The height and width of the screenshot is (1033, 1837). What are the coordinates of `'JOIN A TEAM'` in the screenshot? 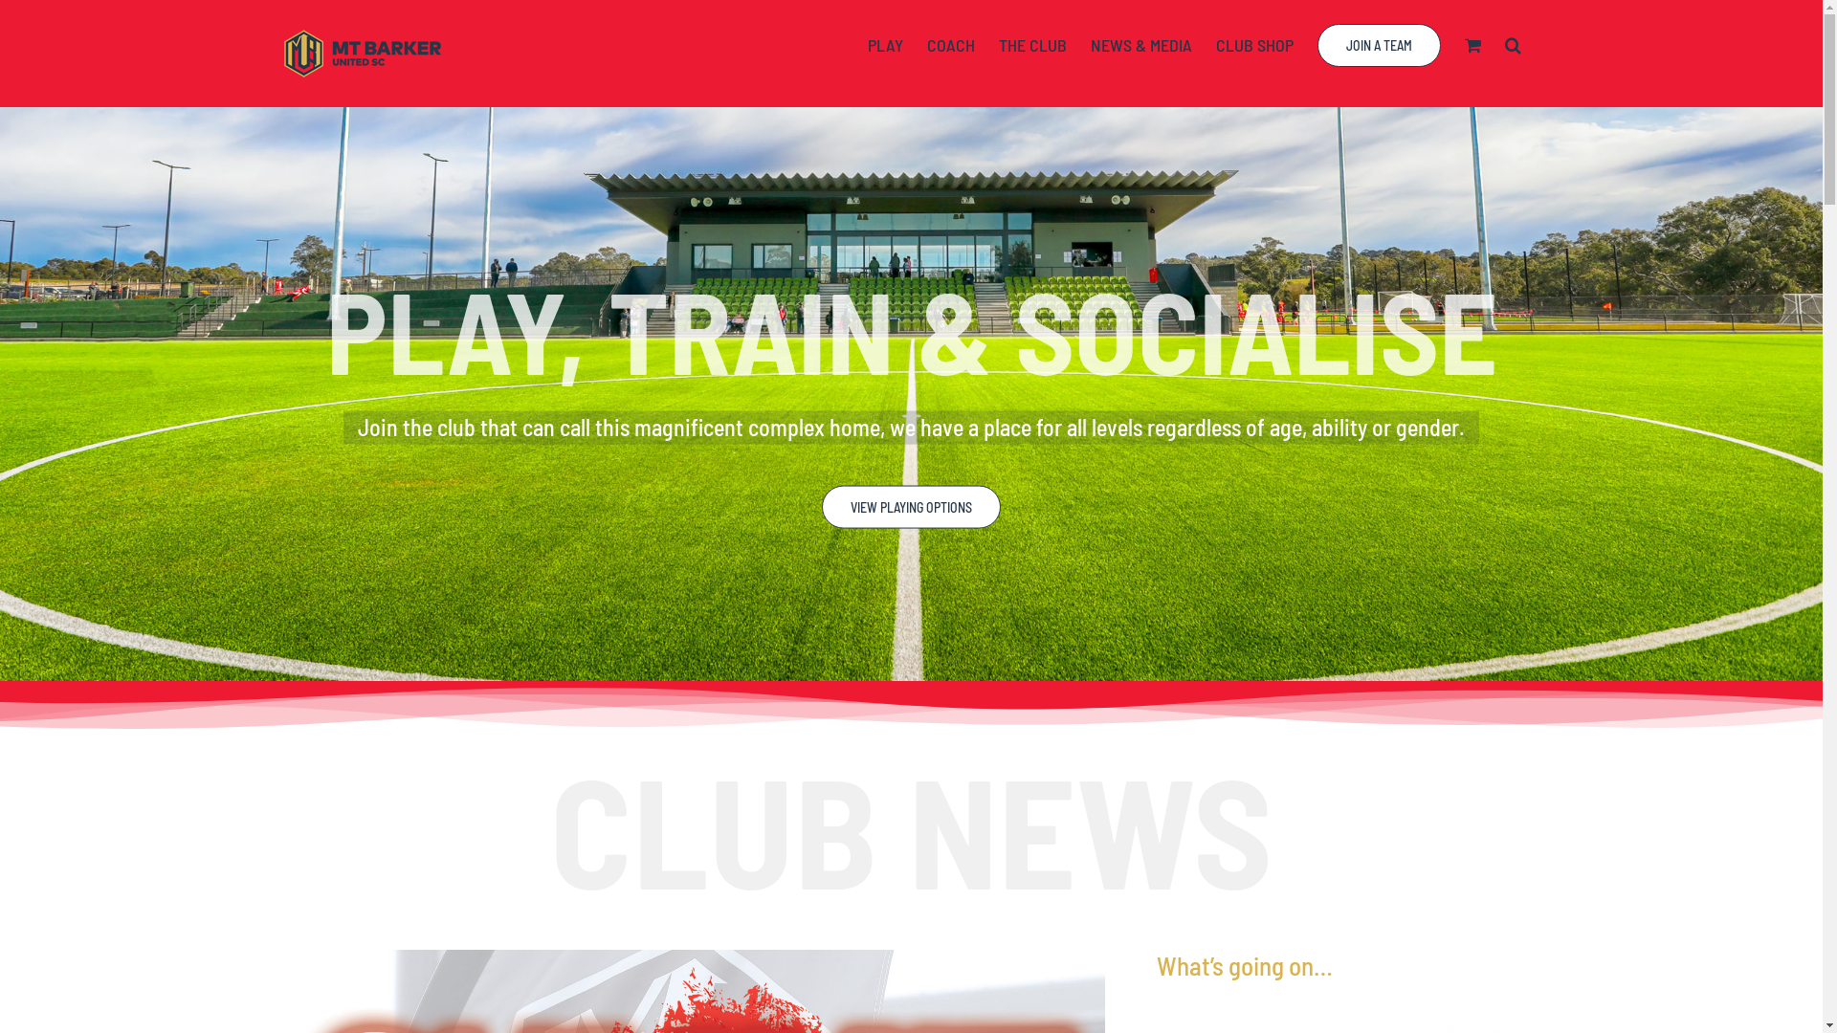 It's located at (1317, 43).